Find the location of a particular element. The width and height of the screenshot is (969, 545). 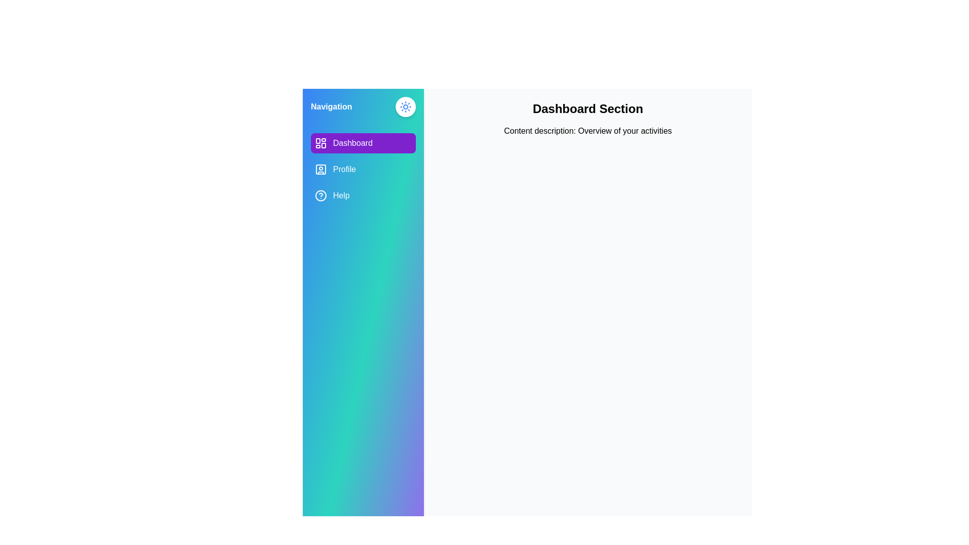

the Profile tab from the navigation menu is located at coordinates (363, 169).